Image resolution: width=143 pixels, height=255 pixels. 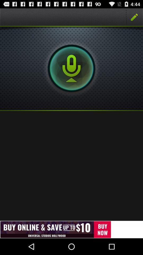 I want to click on the item at the top, so click(x=71, y=68).